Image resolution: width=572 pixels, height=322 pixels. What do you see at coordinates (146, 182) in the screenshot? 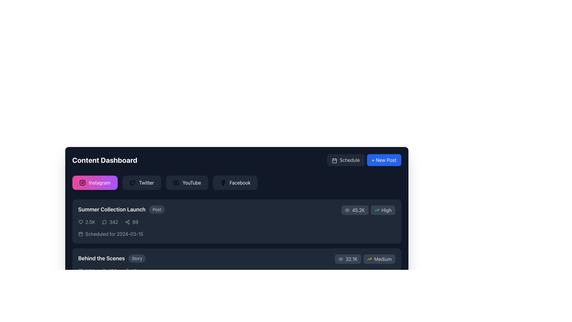
I see `the 'Twitter' text label within the button, which is the second item in a group of four options labeled 'Instagram,' 'Twitter,' 'YouTube,' and 'Facebook.'` at bounding box center [146, 182].